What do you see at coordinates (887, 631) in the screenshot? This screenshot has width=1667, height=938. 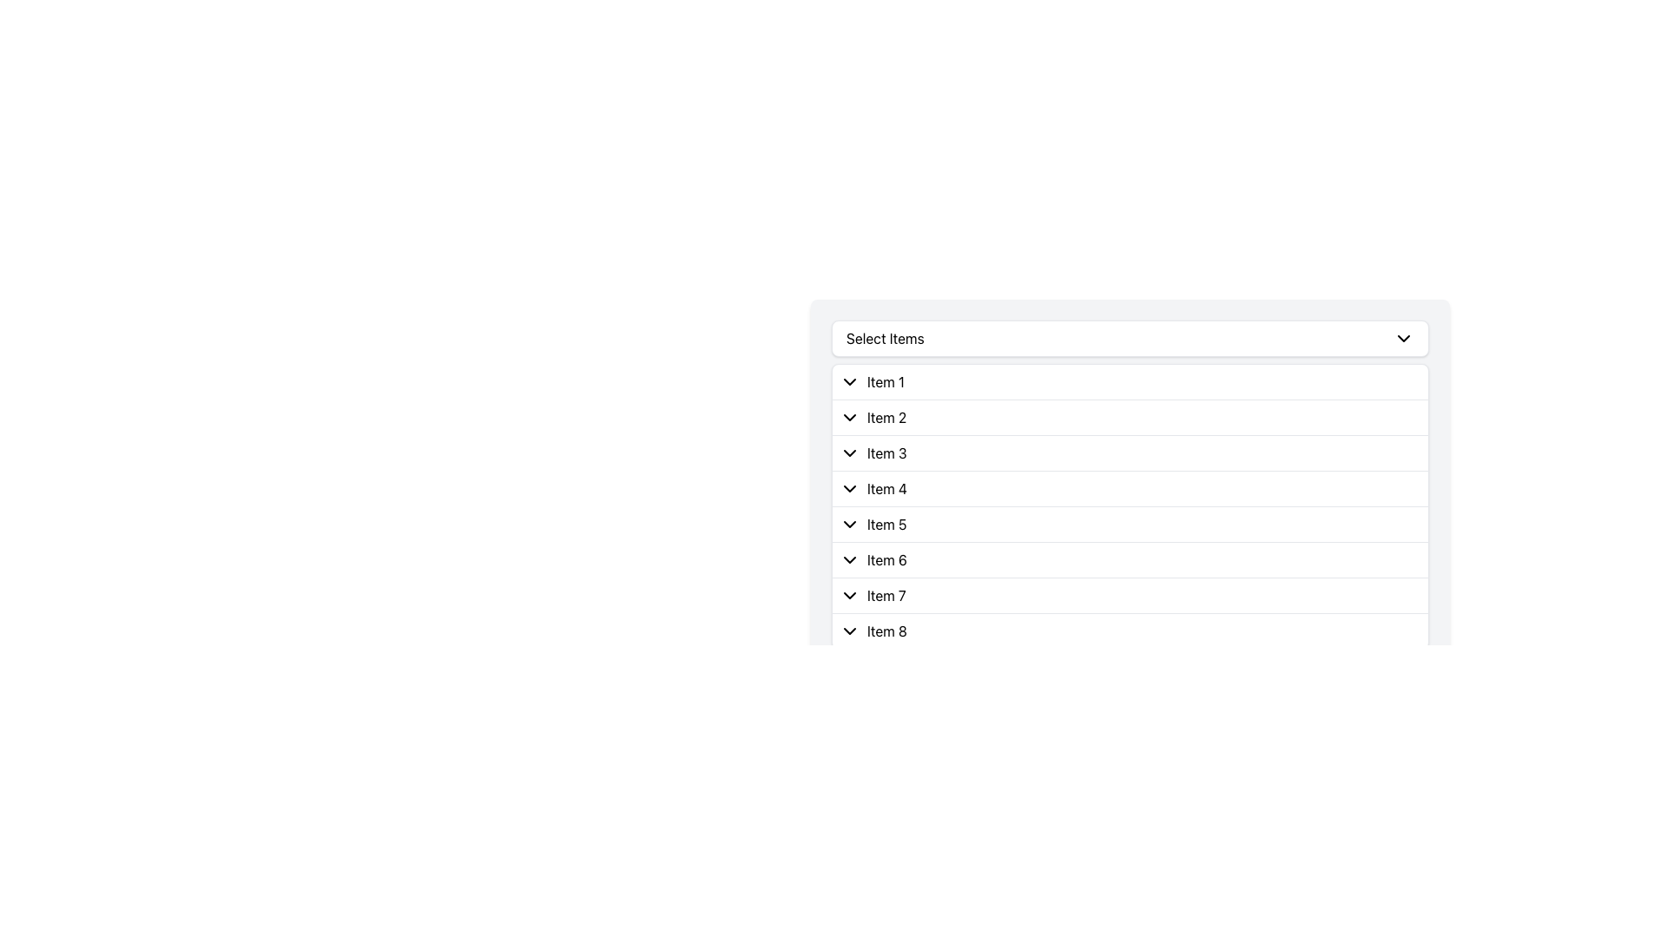 I see `the 'Item 8' text label in the dropdown menu for selection` at bounding box center [887, 631].